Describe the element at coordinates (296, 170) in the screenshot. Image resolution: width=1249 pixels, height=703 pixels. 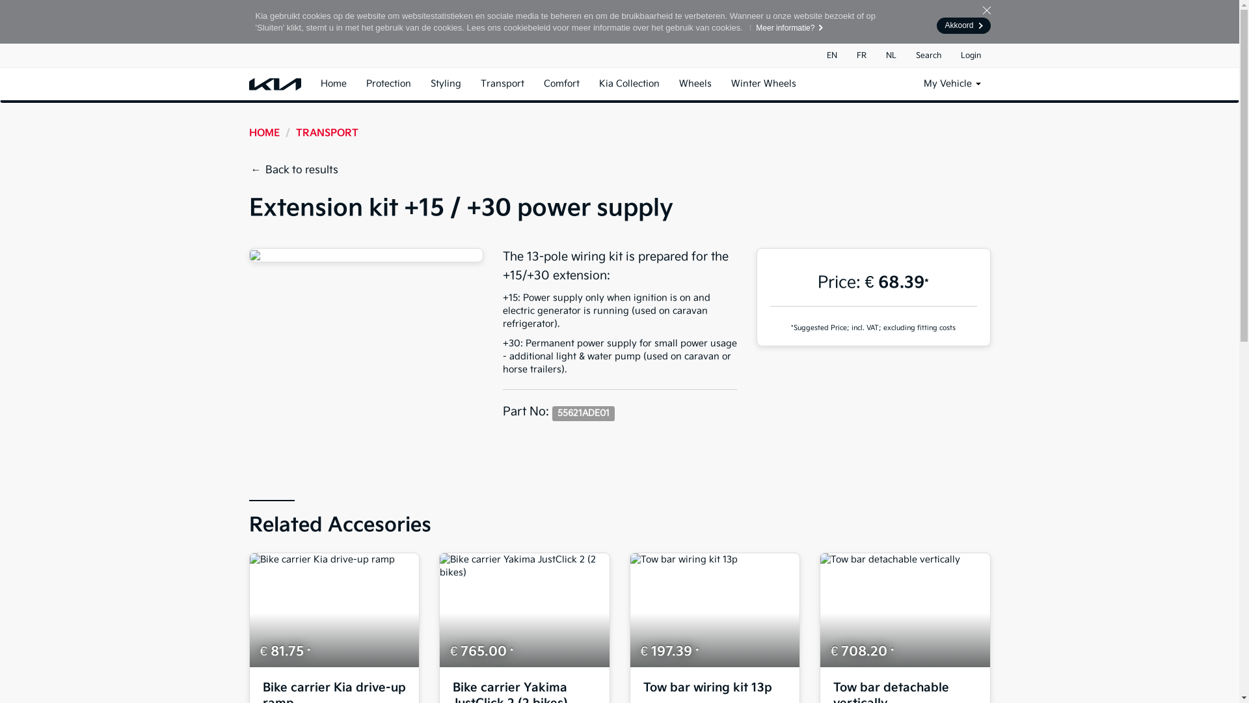
I see `'Back to results'` at that location.